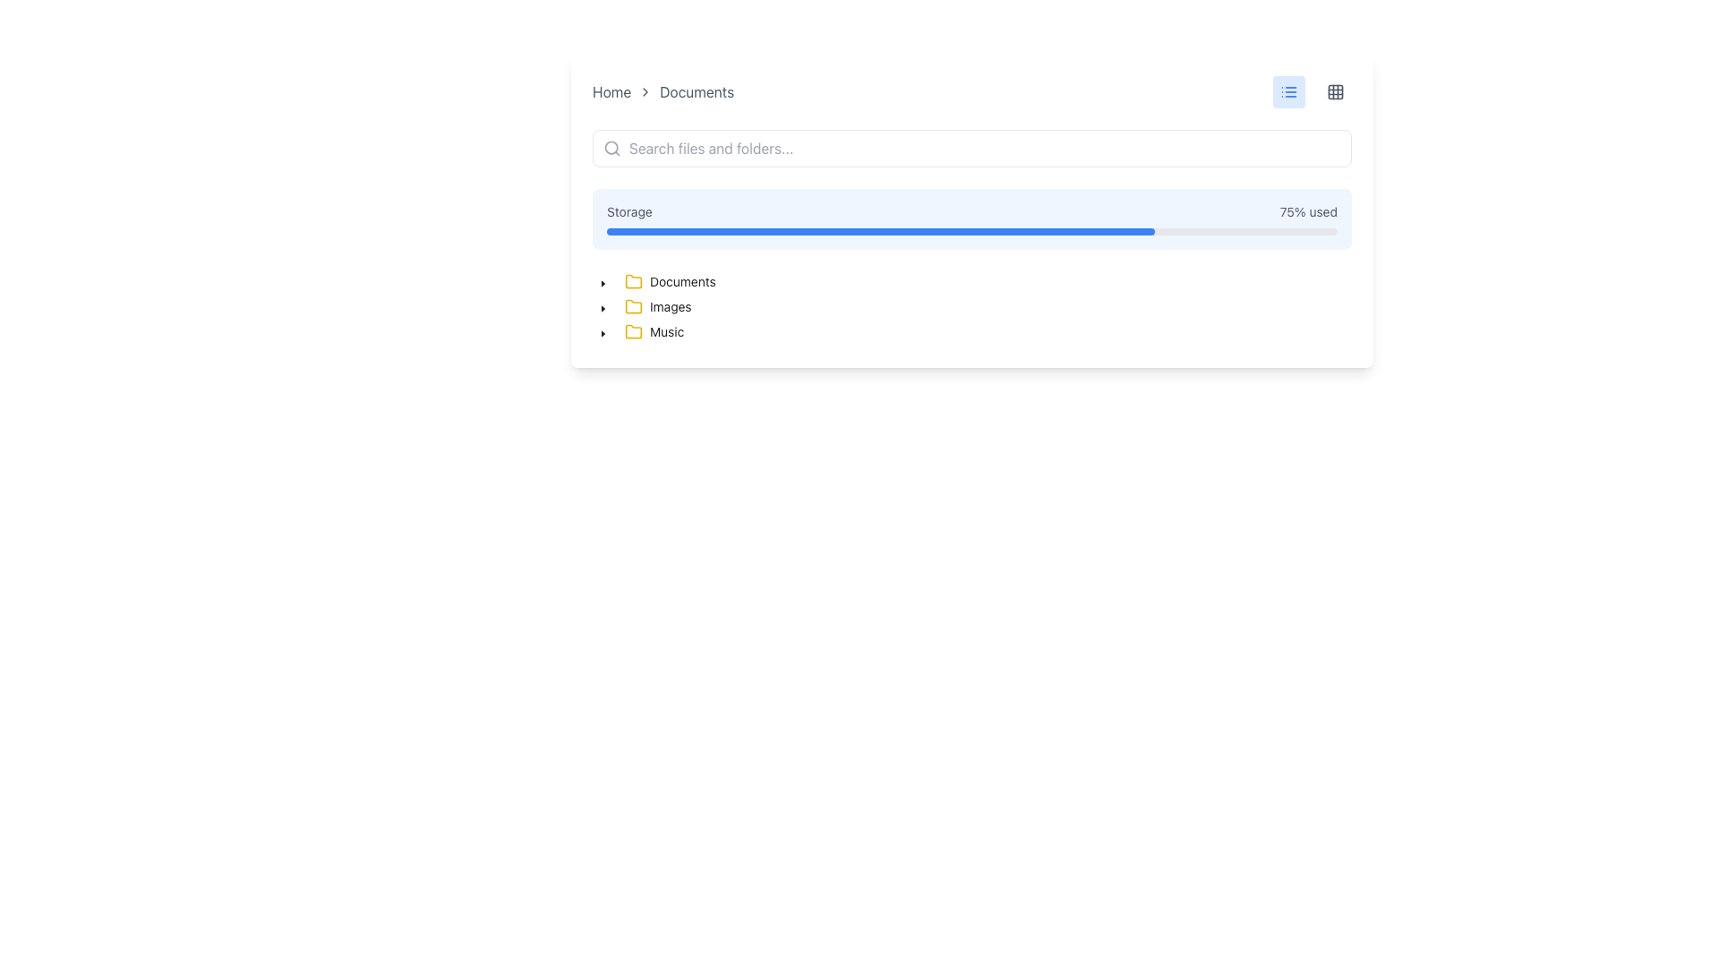 The height and width of the screenshot is (967, 1719). What do you see at coordinates (654, 331) in the screenshot?
I see `the 'Music' folder UI element located in the left segment of the interface` at bounding box center [654, 331].